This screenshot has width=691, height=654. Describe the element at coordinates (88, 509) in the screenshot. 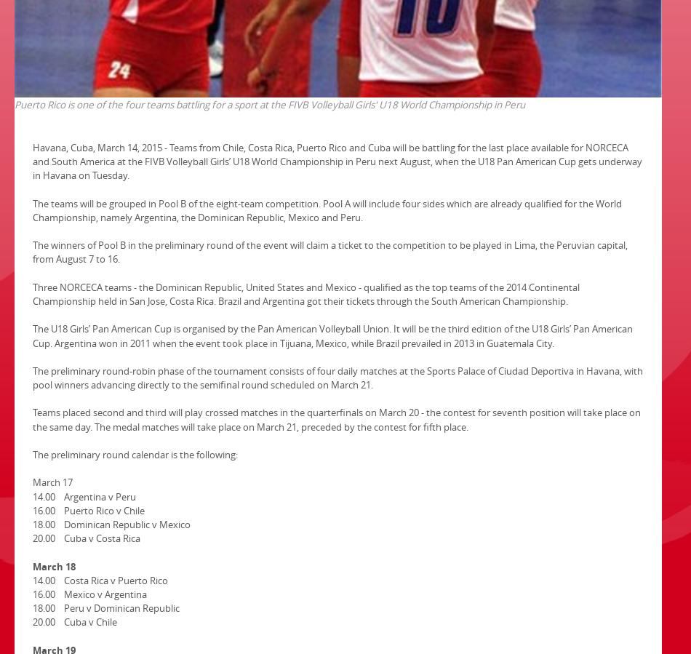

I see `'16.00    Puerto Rico v Chile'` at that location.